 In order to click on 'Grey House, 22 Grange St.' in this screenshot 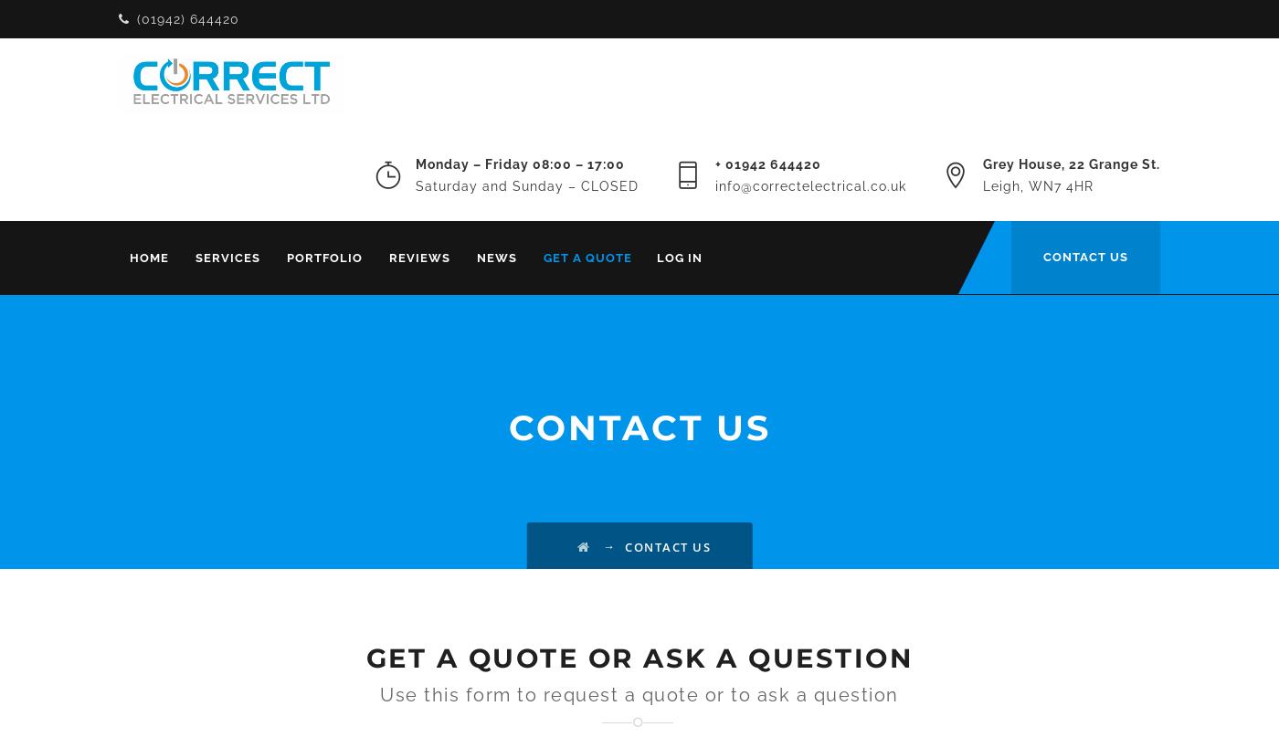, I will do `click(1072, 164)`.